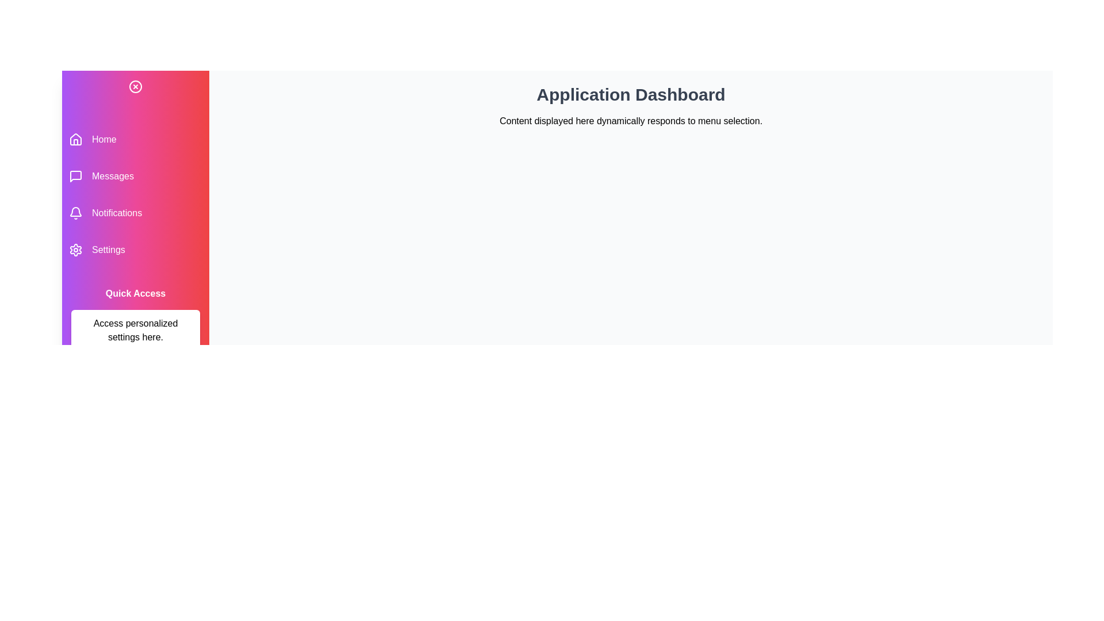 The image size is (1104, 621). I want to click on toggle button at the top left of the sidebar to toggle its state, so click(135, 86).